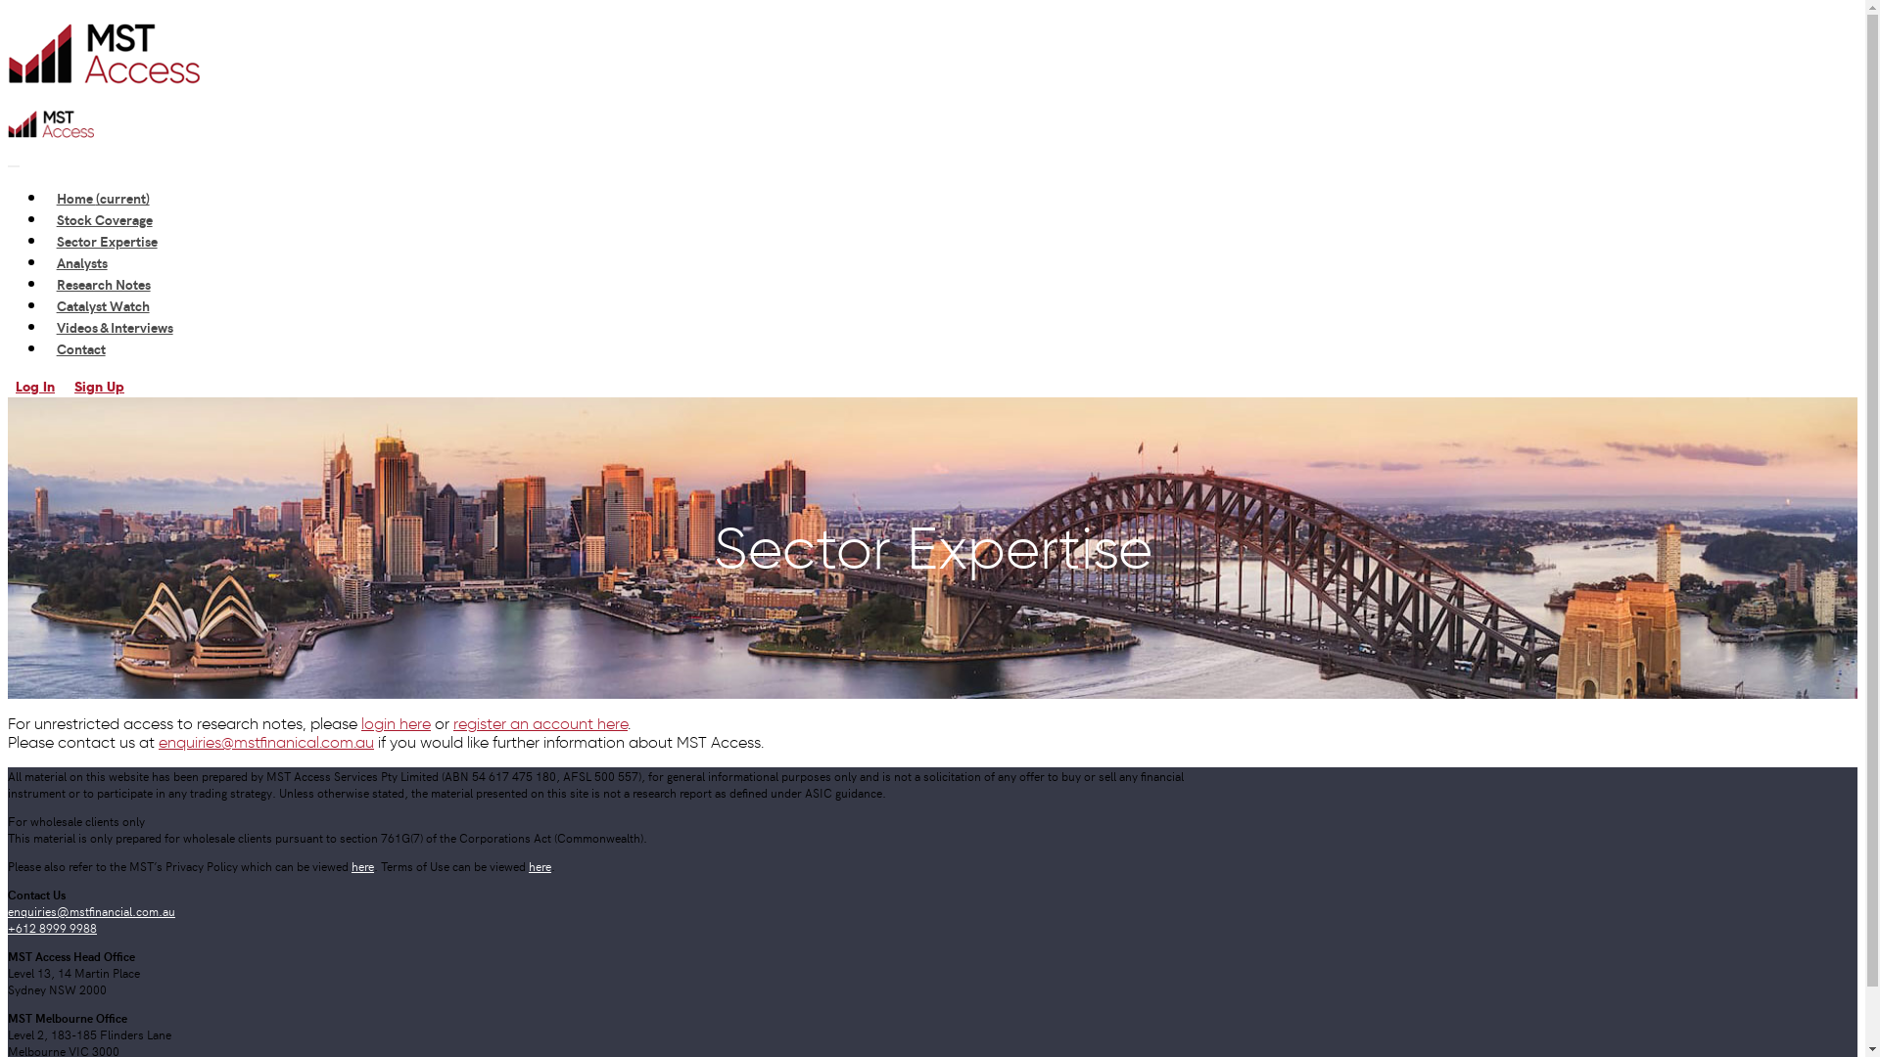 The height and width of the screenshot is (1057, 1880). What do you see at coordinates (98, 386) in the screenshot?
I see `'Sign Up'` at bounding box center [98, 386].